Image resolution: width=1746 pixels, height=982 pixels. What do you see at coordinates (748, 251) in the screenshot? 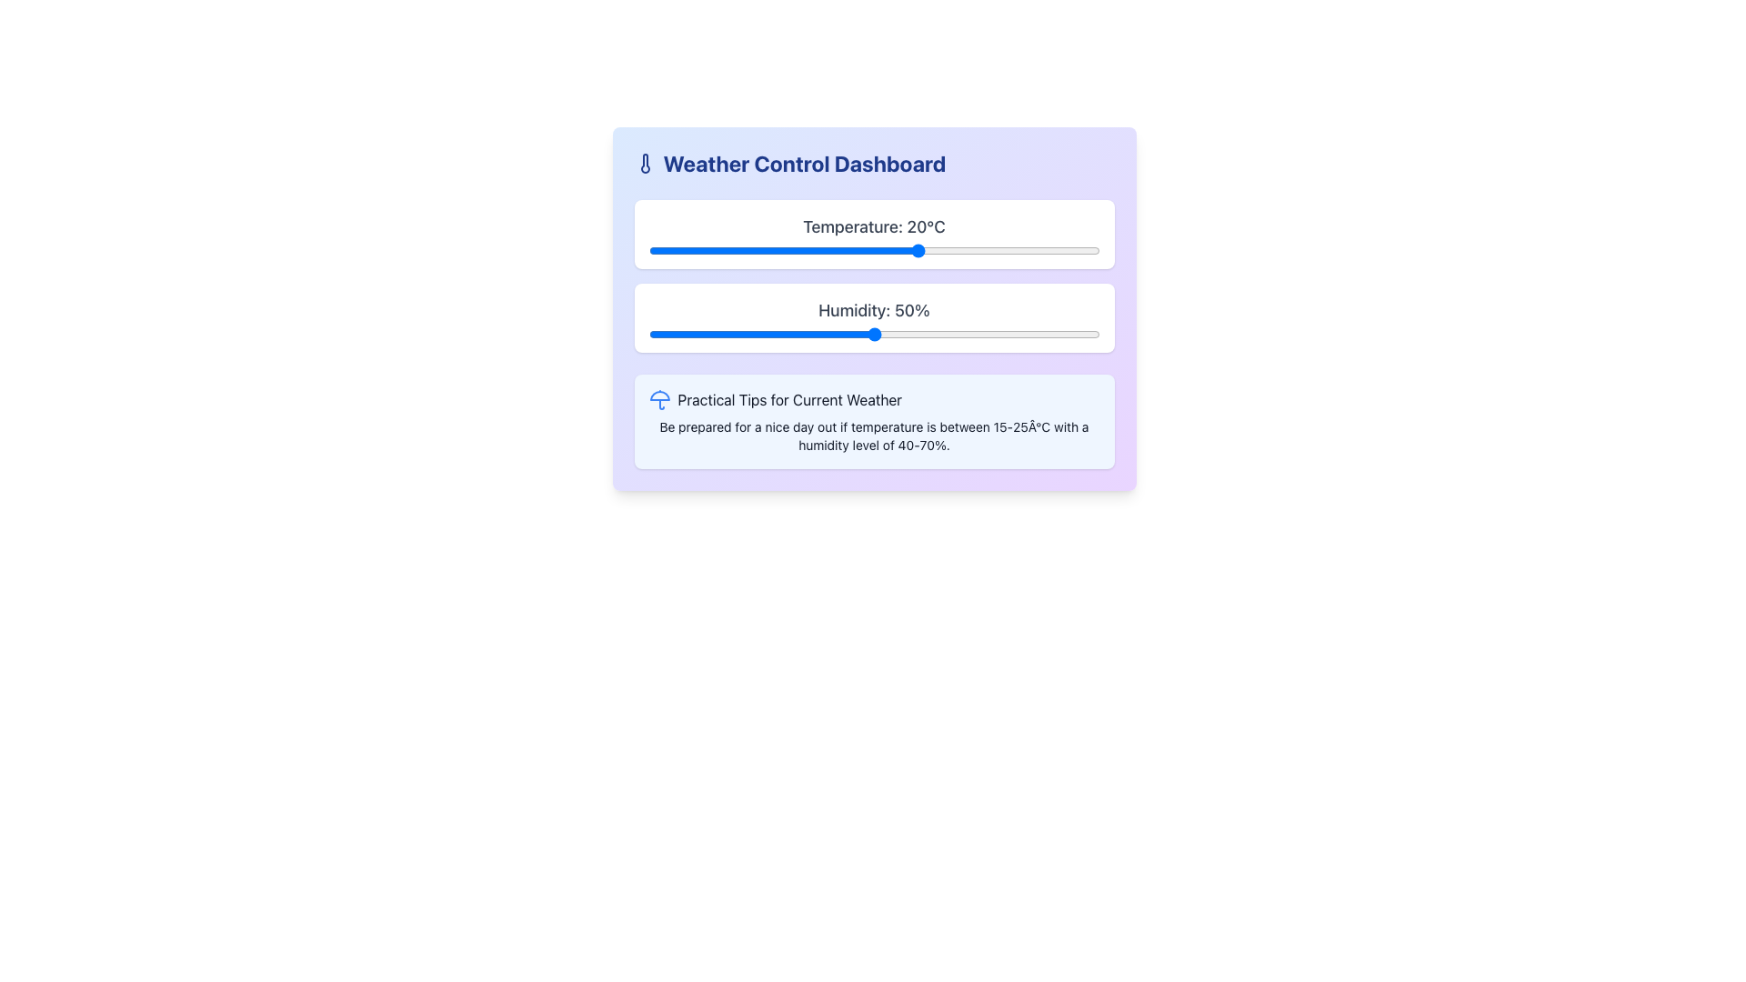
I see `temperature` at bounding box center [748, 251].